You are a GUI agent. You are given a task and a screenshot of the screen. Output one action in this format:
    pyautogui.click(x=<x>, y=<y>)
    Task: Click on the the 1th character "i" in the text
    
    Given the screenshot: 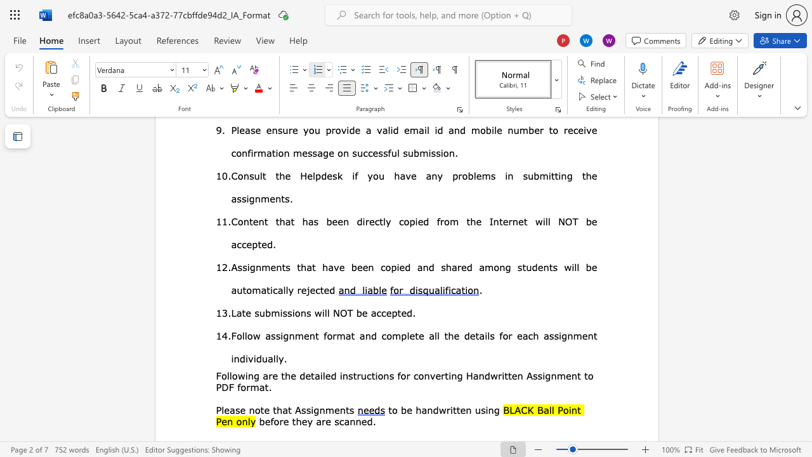 What is the action you would take?
    pyautogui.click(x=246, y=374)
    